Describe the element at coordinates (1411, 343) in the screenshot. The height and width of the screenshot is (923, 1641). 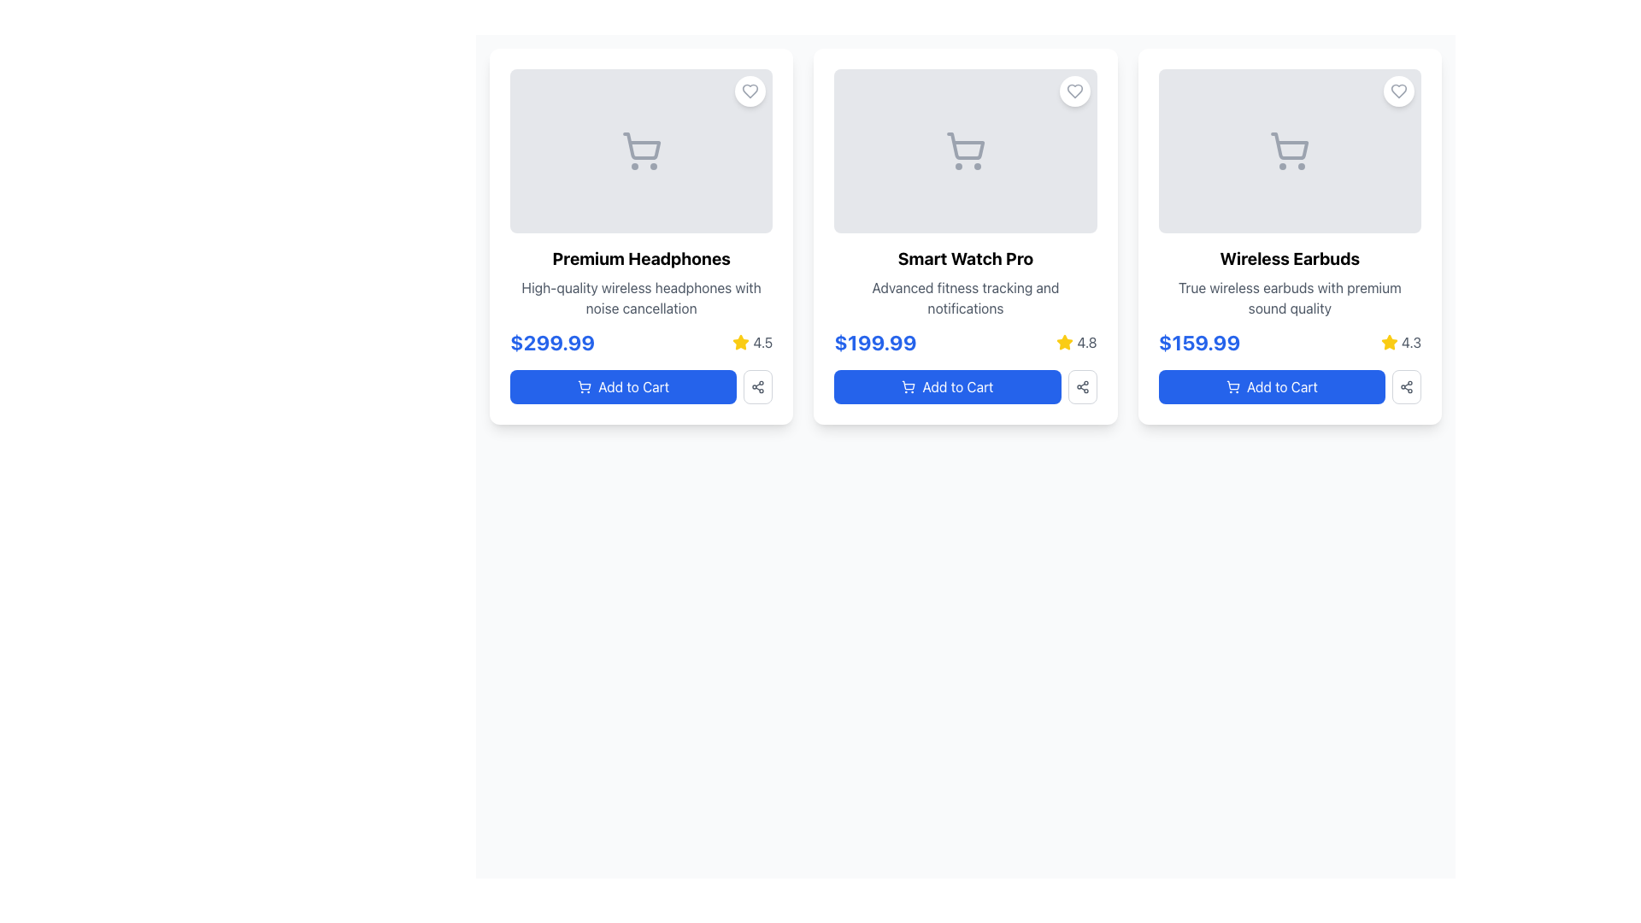
I see `the text displaying the average rating for the 'Wireless Earbuds' product, located to the right of the yellow star icon within the product card` at that location.